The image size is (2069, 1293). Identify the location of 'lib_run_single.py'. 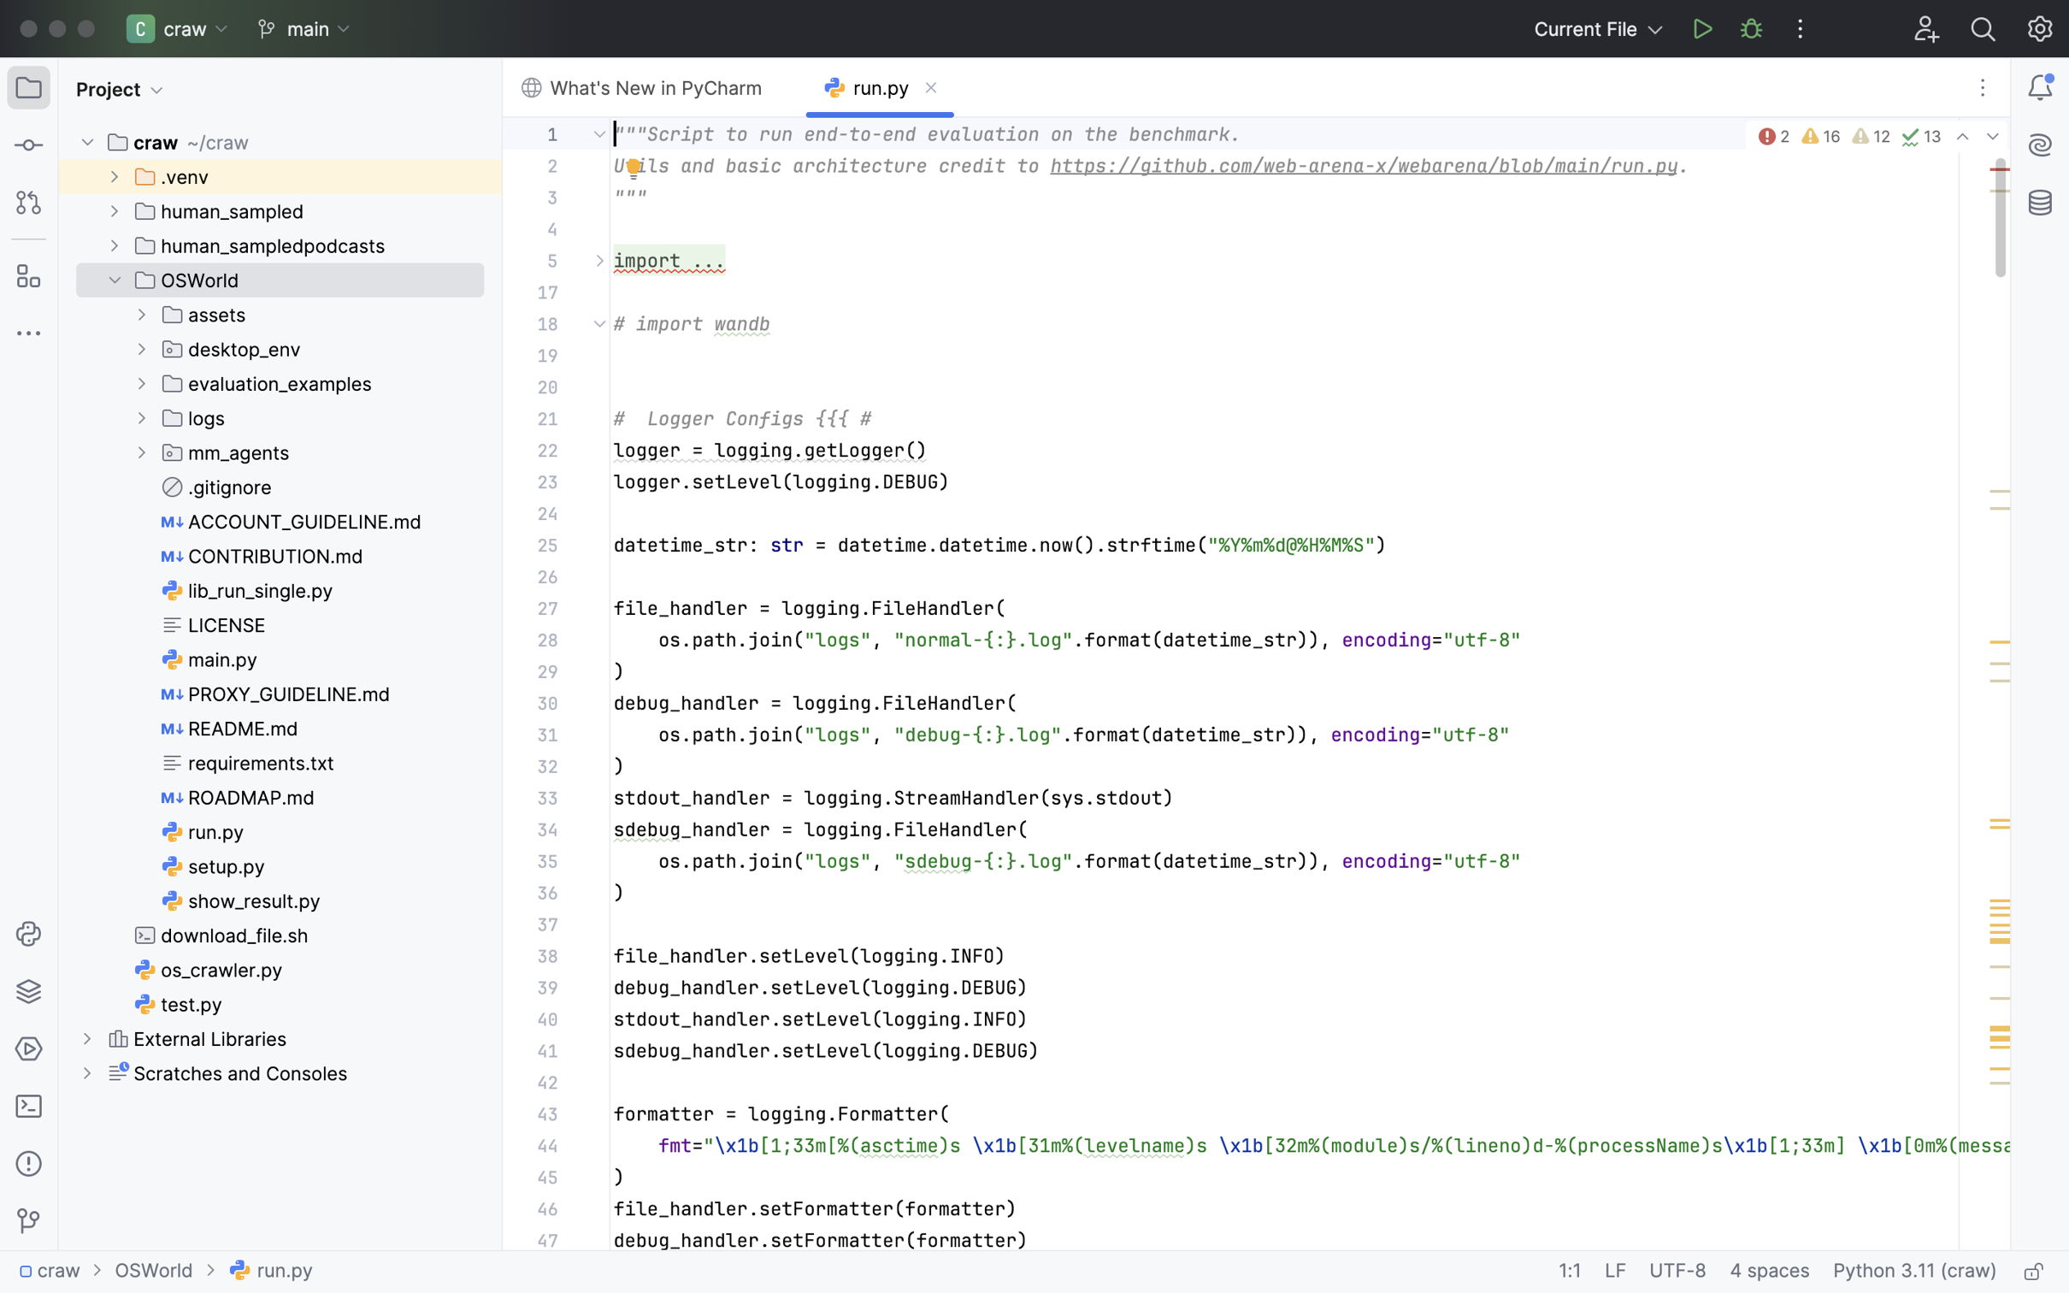
(248, 590).